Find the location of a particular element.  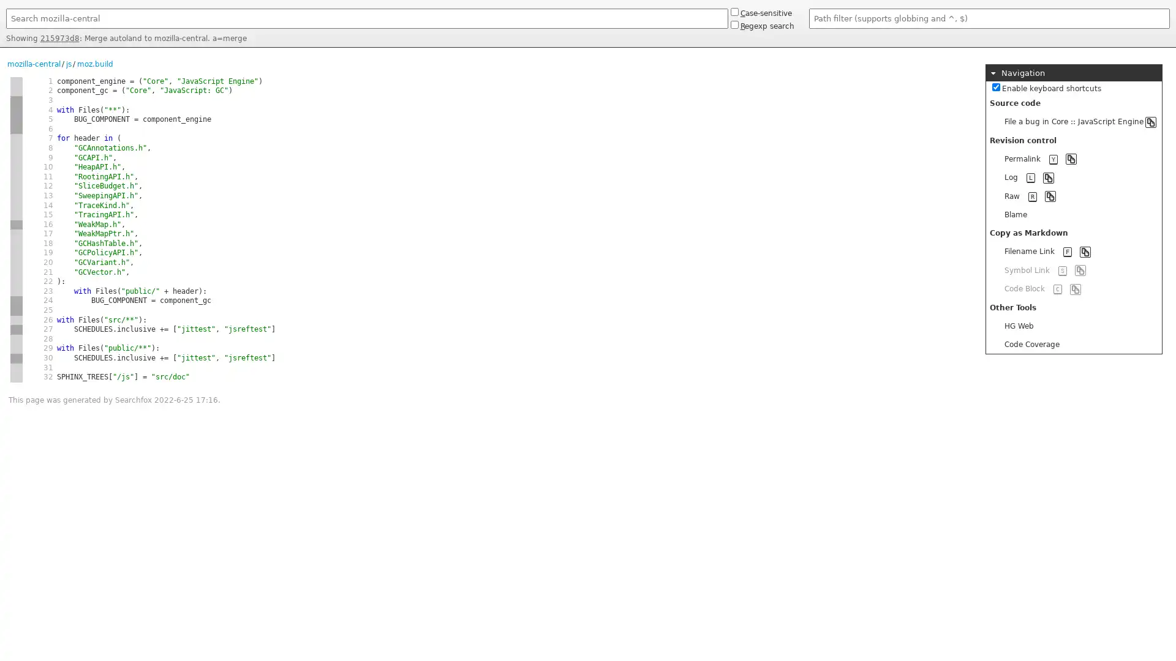

new hash 1 is located at coordinates (17, 329).